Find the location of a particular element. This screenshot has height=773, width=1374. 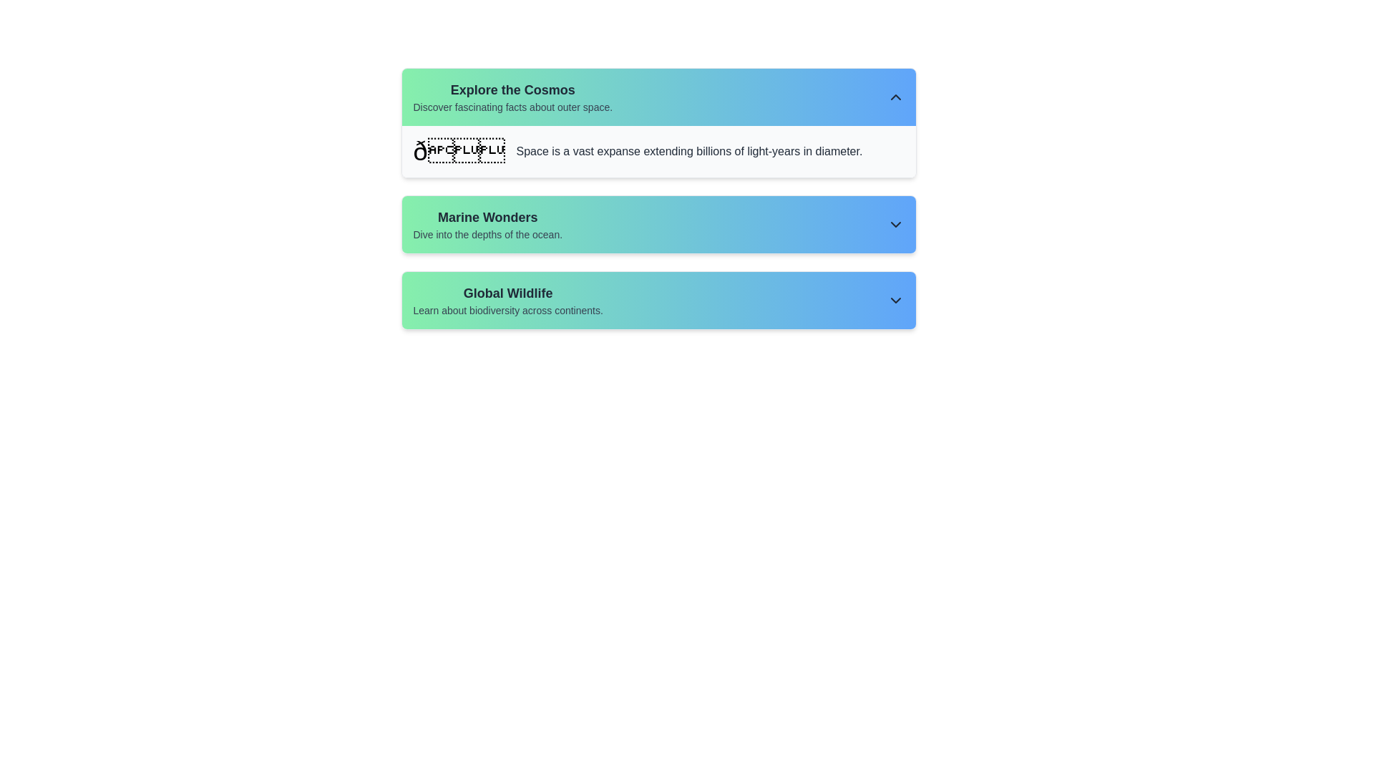

the section header or menu item related to ocean exploration is located at coordinates (658, 224).